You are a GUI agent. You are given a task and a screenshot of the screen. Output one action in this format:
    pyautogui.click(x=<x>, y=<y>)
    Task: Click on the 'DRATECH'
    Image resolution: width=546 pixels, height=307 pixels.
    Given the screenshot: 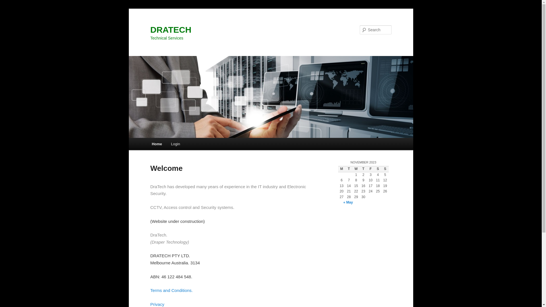 What is the action you would take?
    pyautogui.click(x=170, y=30)
    